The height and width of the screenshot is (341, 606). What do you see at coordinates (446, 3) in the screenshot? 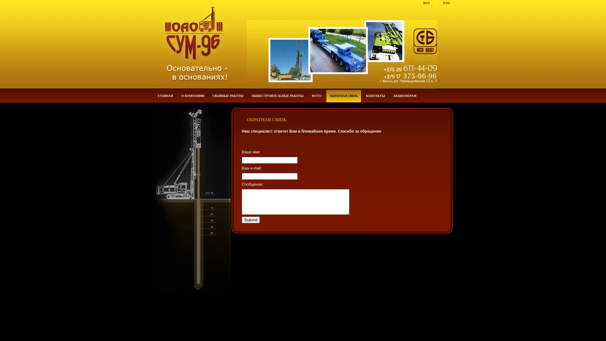
I see `'ENG'` at bounding box center [446, 3].